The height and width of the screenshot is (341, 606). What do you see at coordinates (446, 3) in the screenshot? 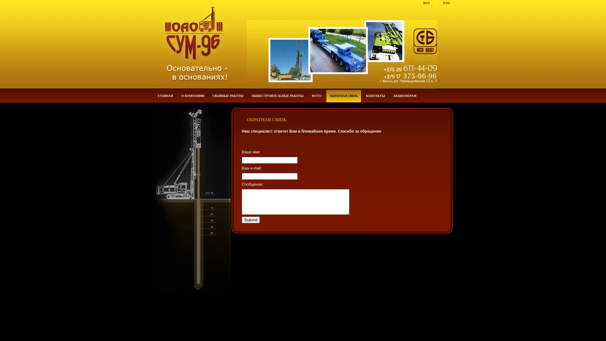
I see `'ENG'` at bounding box center [446, 3].